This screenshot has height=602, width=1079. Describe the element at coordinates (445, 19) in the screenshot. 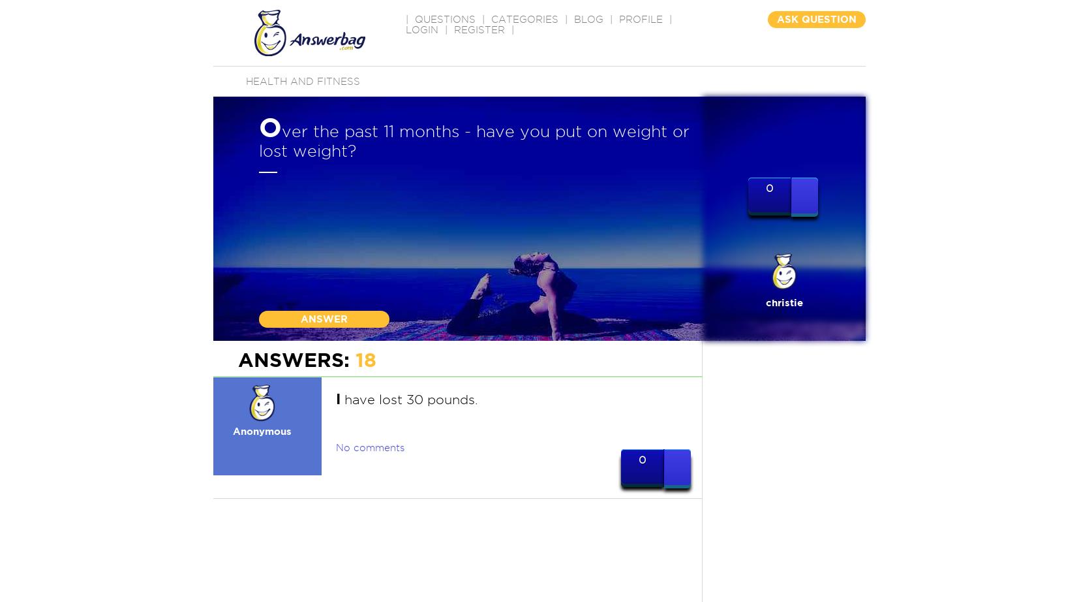

I see `'QUESTIONS'` at that location.